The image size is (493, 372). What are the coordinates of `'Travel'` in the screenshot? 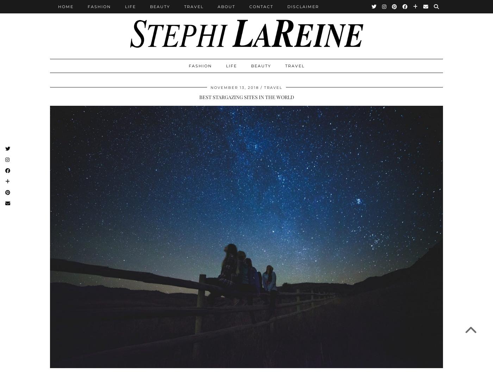 It's located at (194, 6).